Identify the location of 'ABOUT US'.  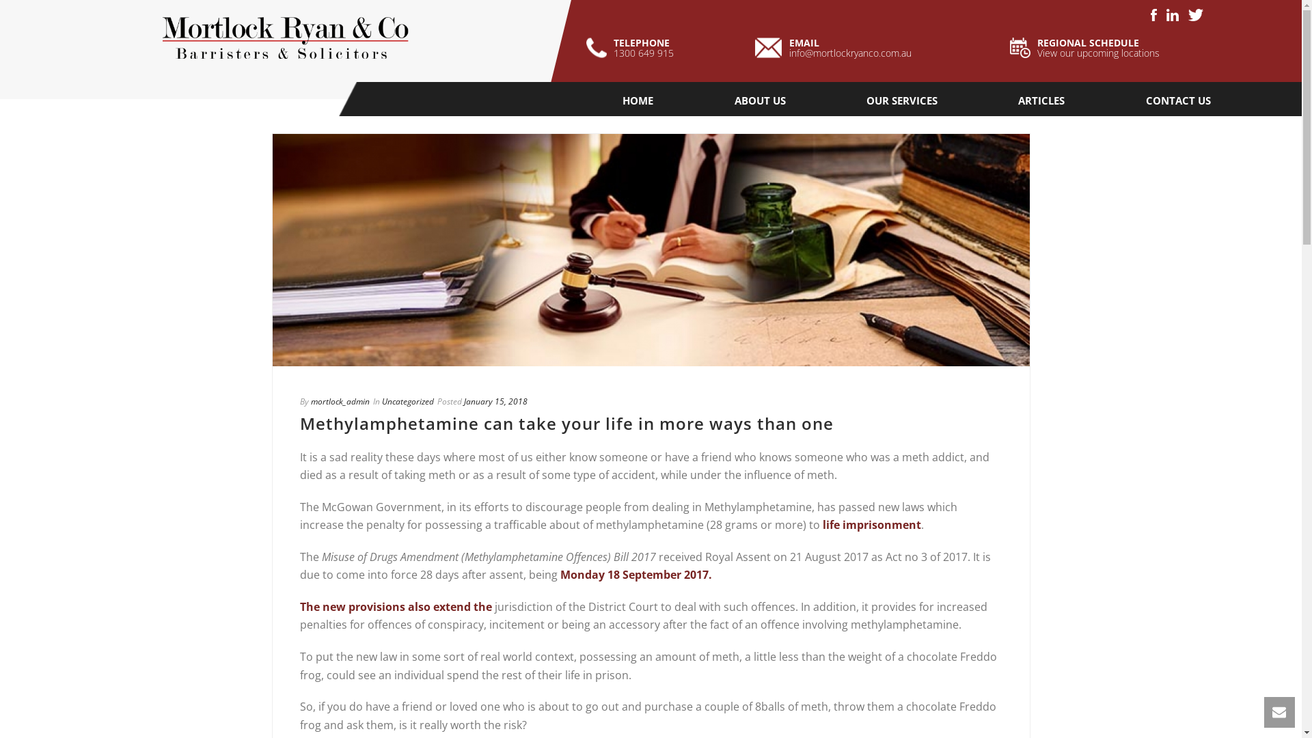
(759, 99).